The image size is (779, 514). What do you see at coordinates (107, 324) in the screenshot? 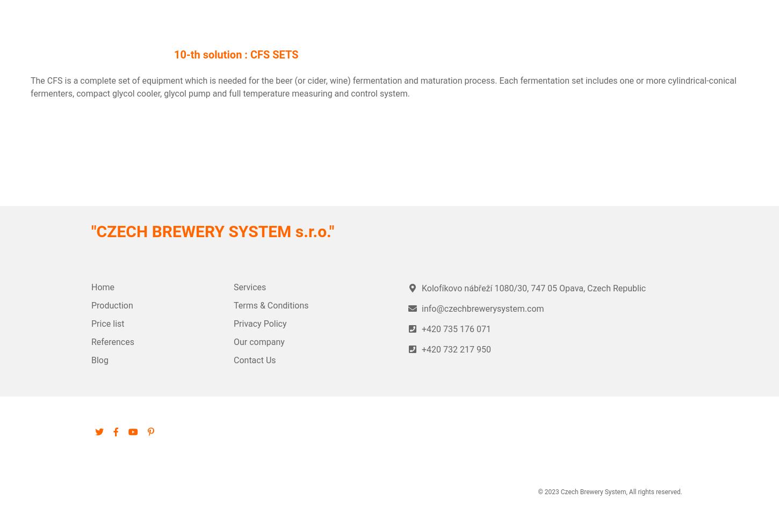
I see `'Price list'` at bounding box center [107, 324].